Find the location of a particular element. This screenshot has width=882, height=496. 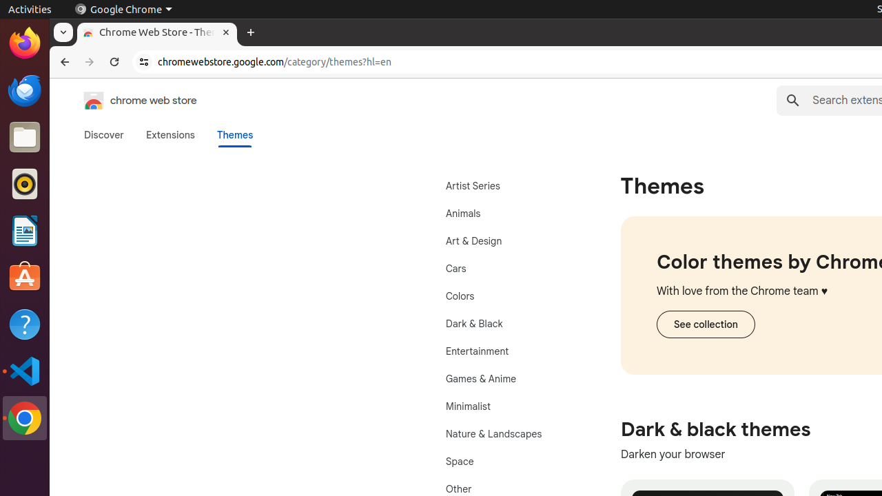

'Extensions' is located at coordinates (170, 134).